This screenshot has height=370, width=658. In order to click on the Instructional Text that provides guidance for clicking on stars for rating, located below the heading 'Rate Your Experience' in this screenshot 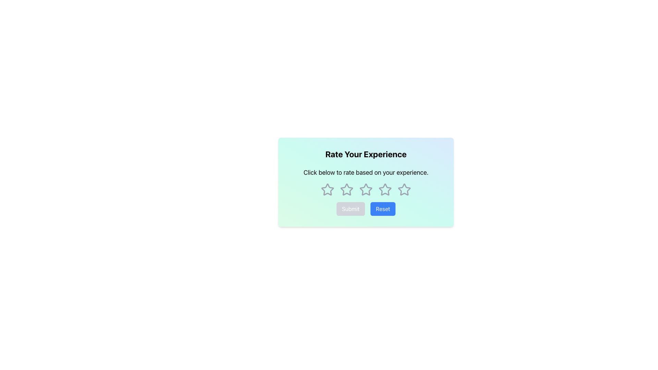, I will do `click(366, 172)`.